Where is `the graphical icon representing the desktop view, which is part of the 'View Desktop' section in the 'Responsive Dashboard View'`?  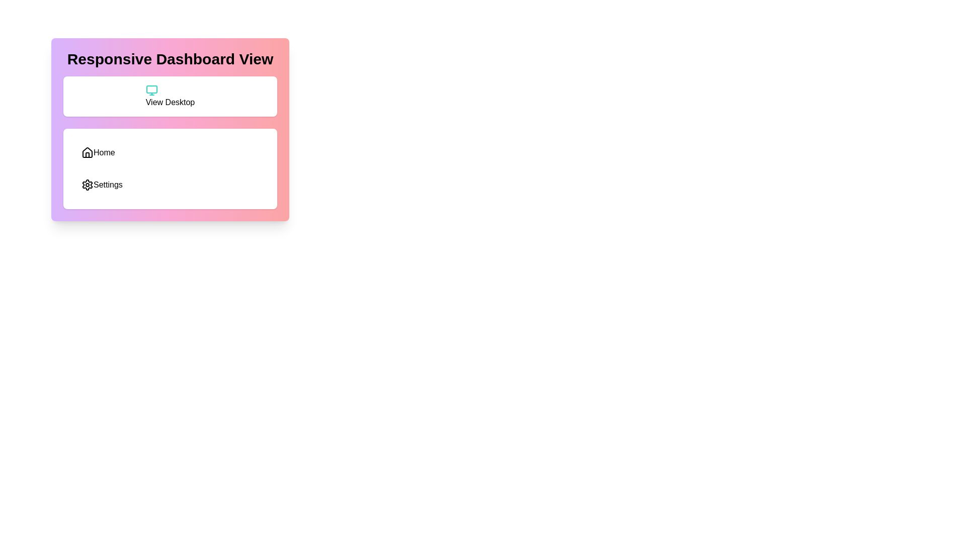
the graphical icon representing the desktop view, which is part of the 'View Desktop' section in the 'Responsive Dashboard View' is located at coordinates (151, 88).